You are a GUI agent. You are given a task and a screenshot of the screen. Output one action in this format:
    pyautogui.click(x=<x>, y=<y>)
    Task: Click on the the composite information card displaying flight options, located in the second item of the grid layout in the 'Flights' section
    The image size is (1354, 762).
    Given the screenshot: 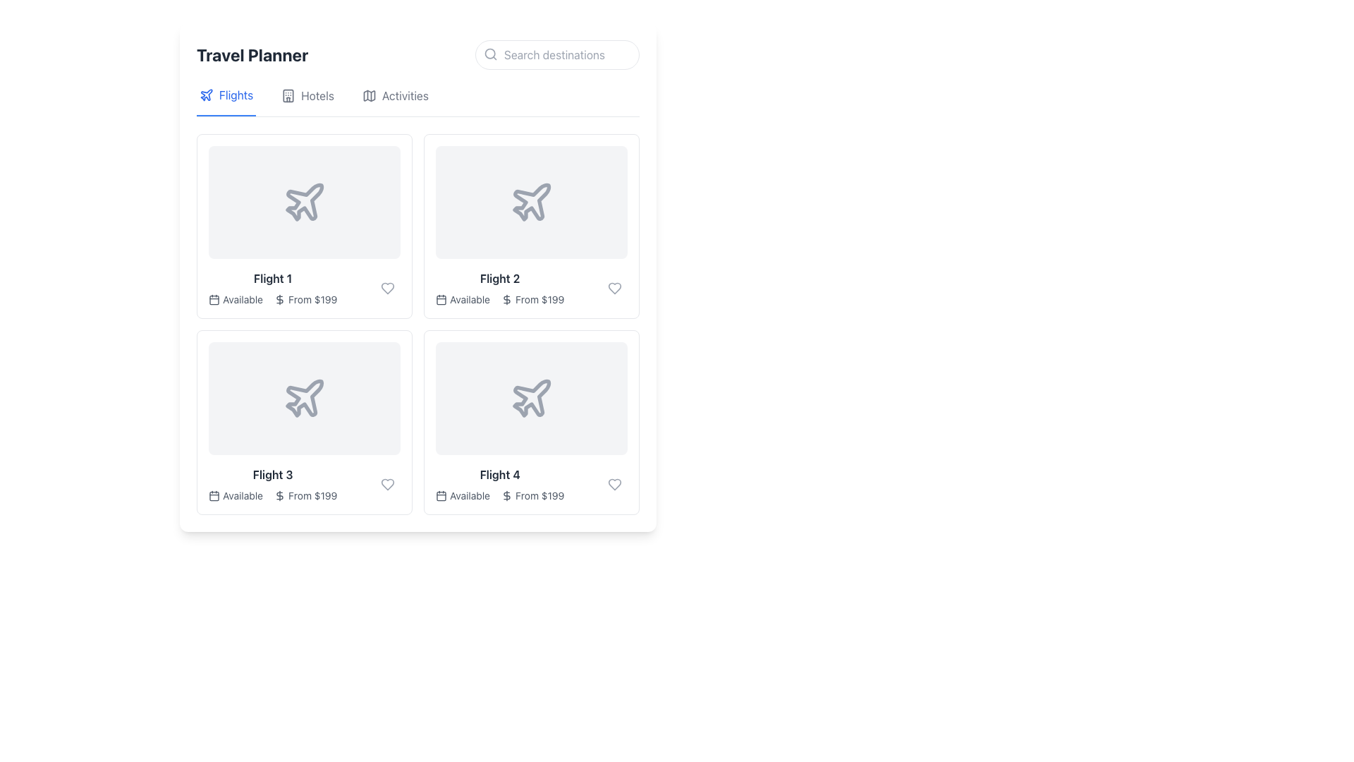 What is the action you would take?
    pyautogui.click(x=500, y=287)
    